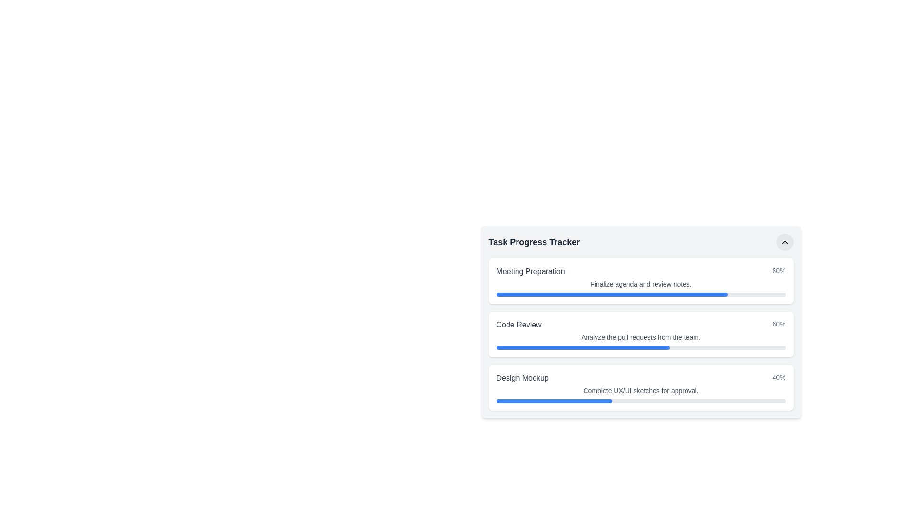  What do you see at coordinates (641, 348) in the screenshot?
I see `the horizontal progress bar in the 'Code Review' task section, which is approximately sixty percent filled with blue, located below the text 'Analyze the pull requests from the team'` at bounding box center [641, 348].